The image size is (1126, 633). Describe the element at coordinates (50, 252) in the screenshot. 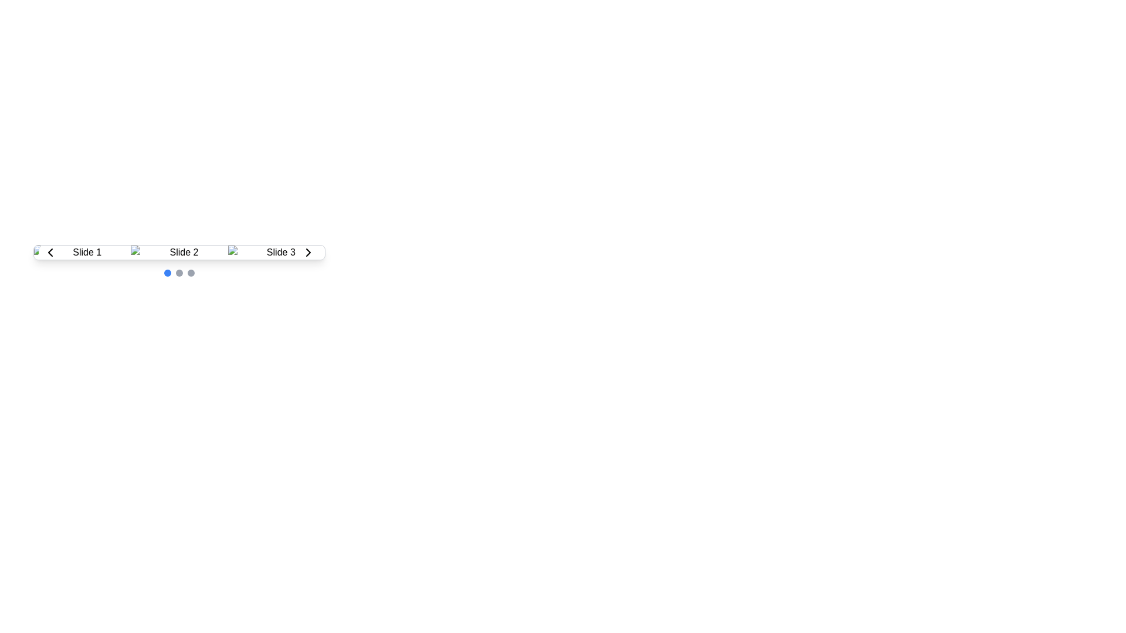

I see `the leftward-pointing chevron icon` at that location.